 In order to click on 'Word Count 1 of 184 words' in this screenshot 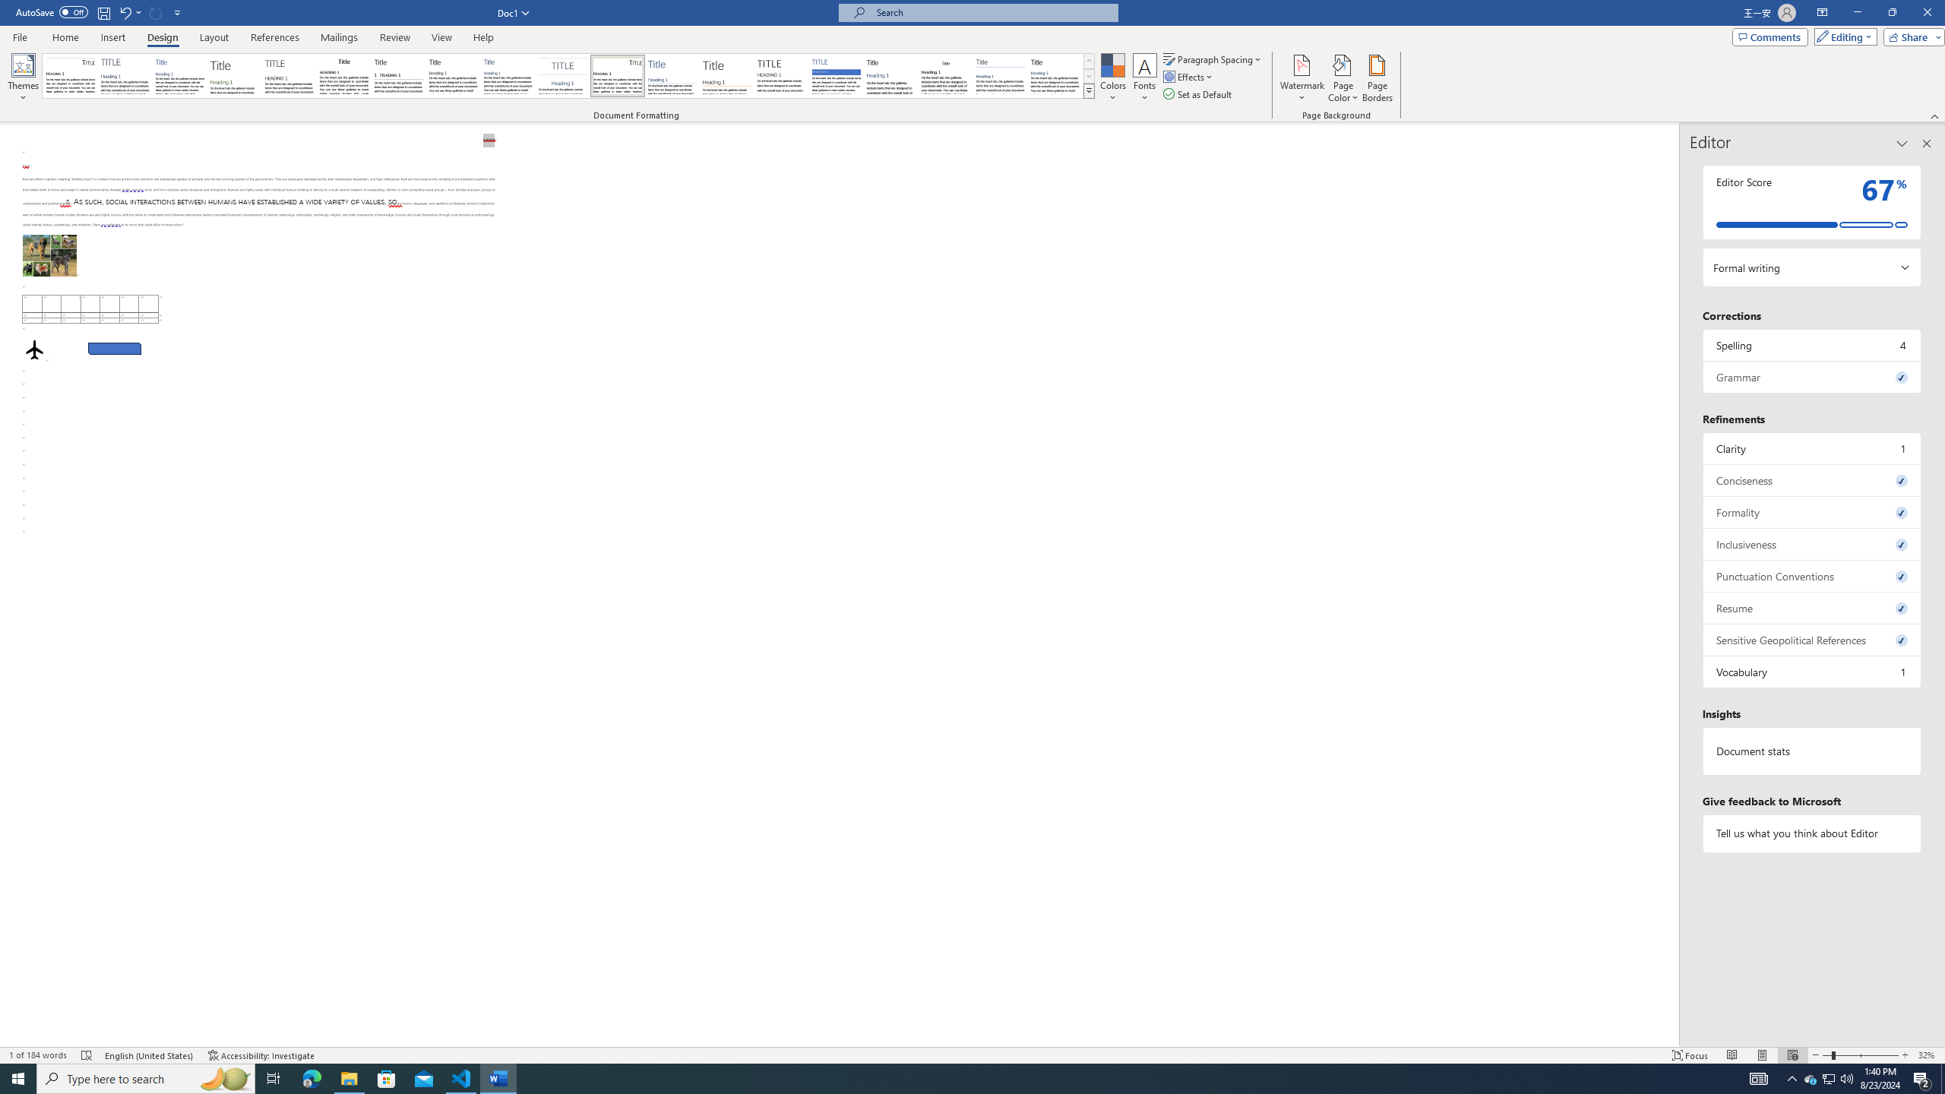, I will do `click(38, 1055)`.